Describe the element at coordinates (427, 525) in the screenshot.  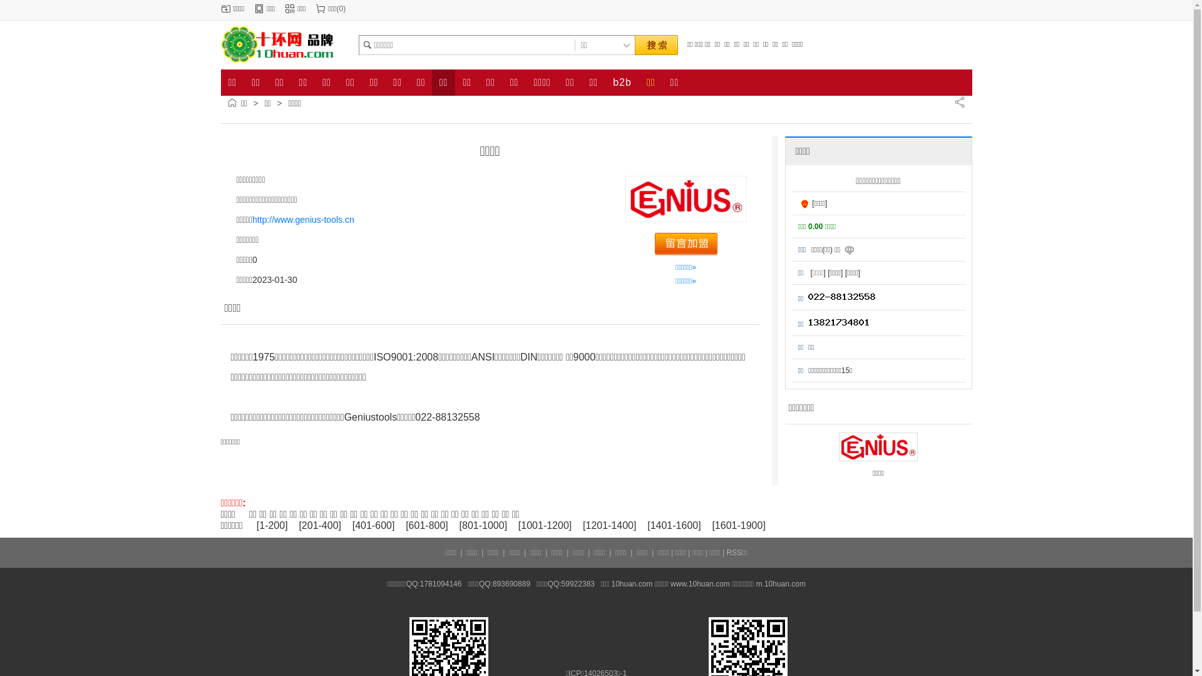
I see `'601-800'` at that location.